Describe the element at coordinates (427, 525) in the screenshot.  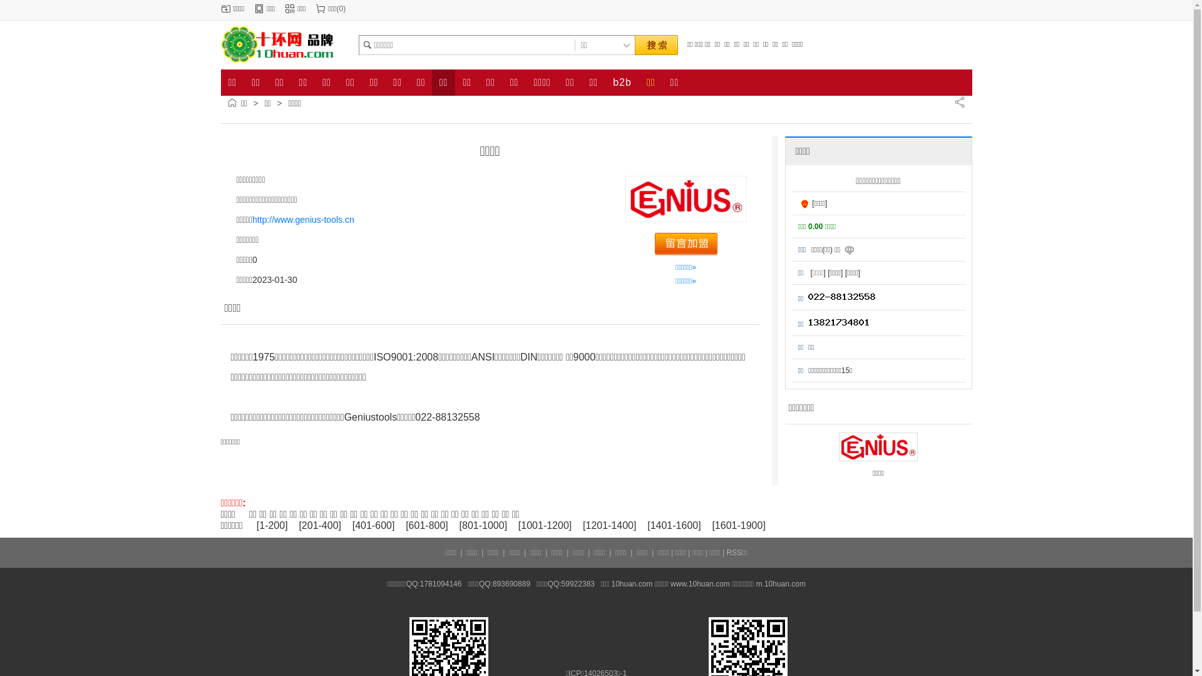
I see `'601-800'` at that location.